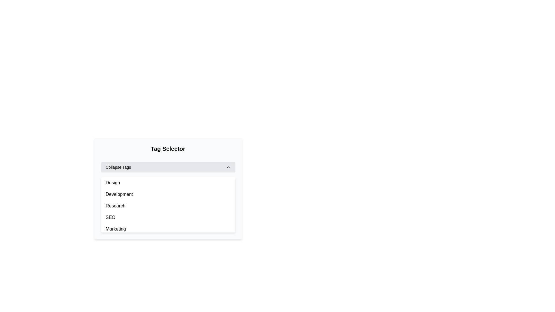  I want to click on the fourth selectable item in the dropdown menu labeled 'Tag Selector', so click(110, 217).